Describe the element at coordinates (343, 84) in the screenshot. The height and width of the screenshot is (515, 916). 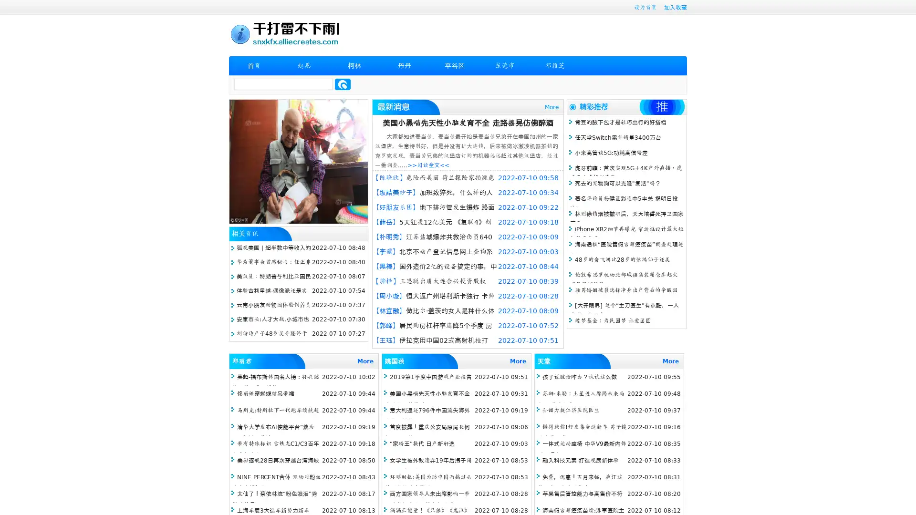
I see `Search` at that location.